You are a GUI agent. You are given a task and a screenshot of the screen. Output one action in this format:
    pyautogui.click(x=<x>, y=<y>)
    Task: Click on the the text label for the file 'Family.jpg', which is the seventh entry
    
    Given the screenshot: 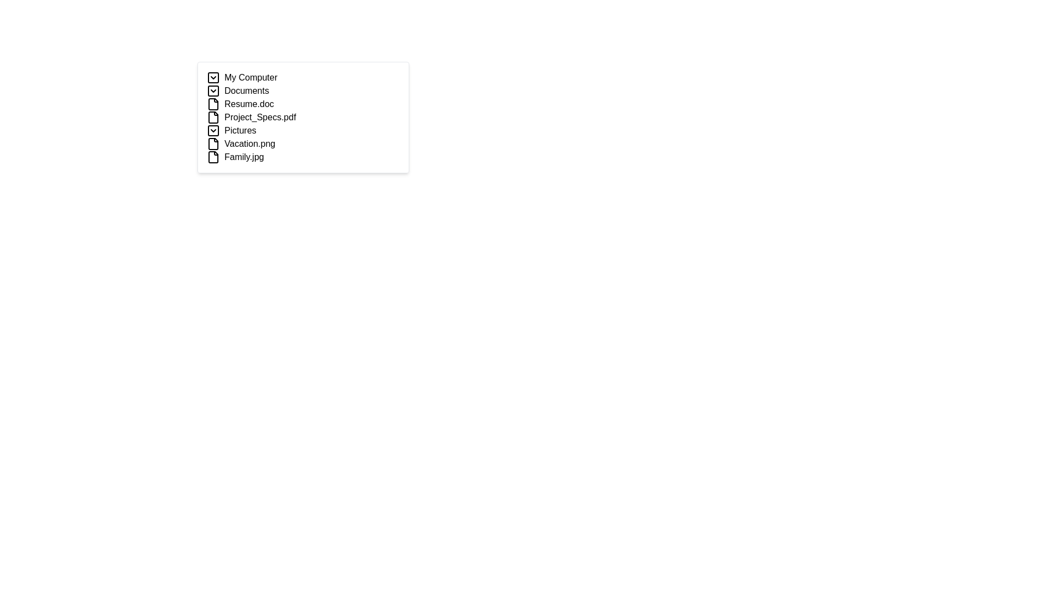 What is the action you would take?
    pyautogui.click(x=243, y=157)
    